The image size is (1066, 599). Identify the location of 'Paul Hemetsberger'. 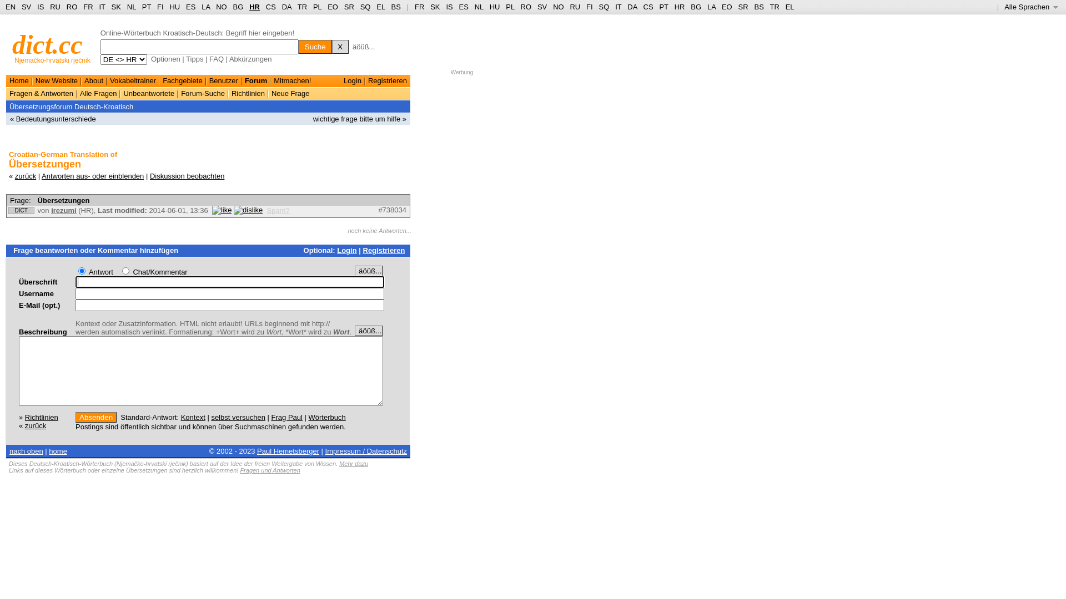
(256, 451).